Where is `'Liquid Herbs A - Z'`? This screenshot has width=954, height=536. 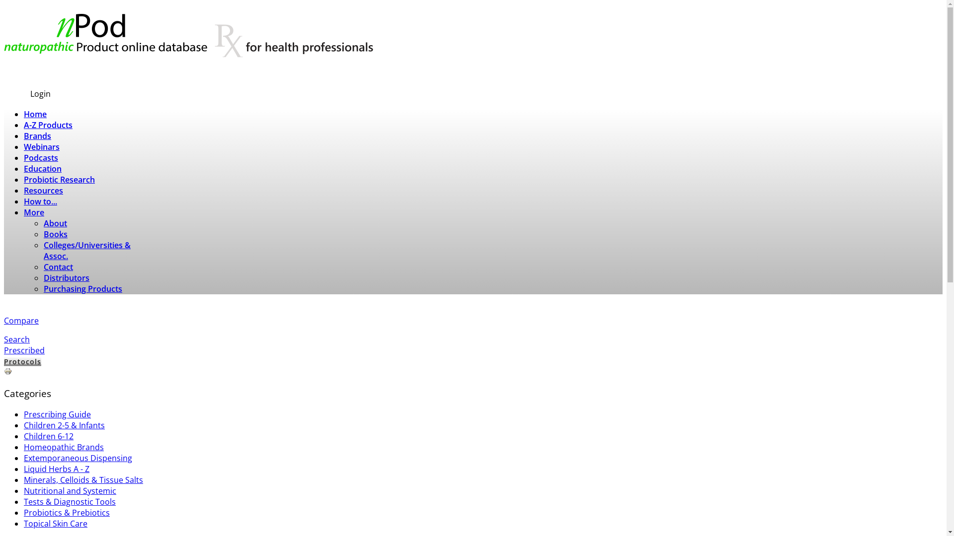
'Liquid Herbs A - Z' is located at coordinates (24, 469).